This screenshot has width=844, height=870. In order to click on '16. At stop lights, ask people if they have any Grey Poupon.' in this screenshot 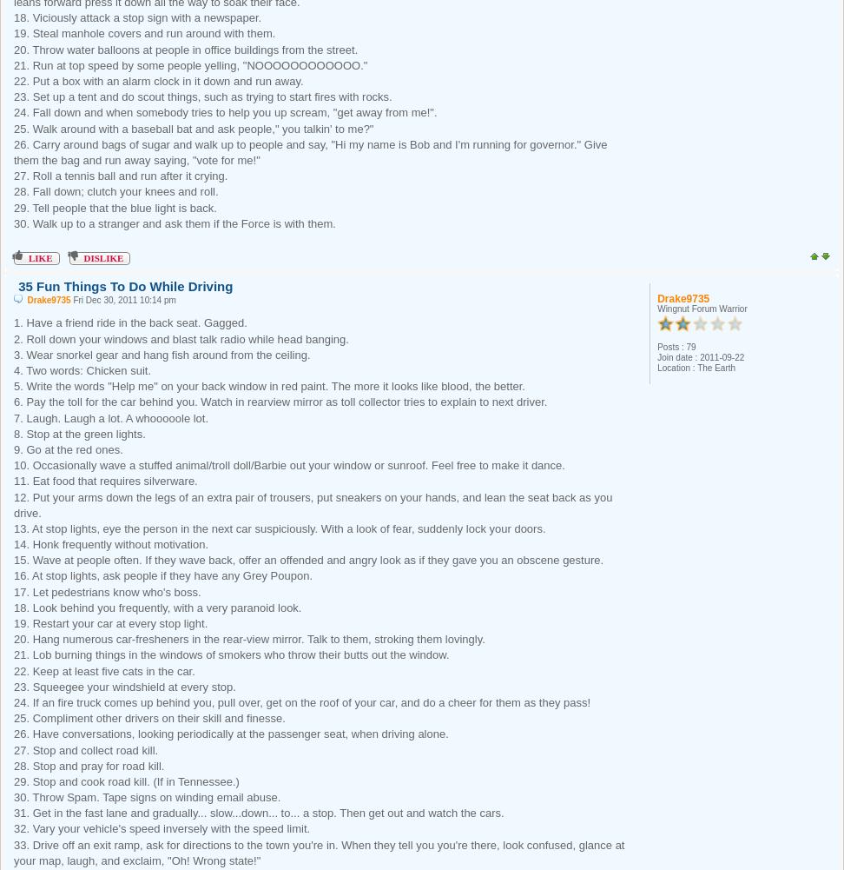, I will do `click(162, 574)`.